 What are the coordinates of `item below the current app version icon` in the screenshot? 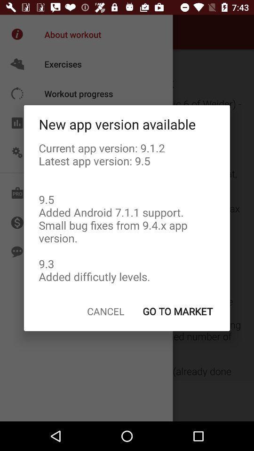 It's located at (177, 311).